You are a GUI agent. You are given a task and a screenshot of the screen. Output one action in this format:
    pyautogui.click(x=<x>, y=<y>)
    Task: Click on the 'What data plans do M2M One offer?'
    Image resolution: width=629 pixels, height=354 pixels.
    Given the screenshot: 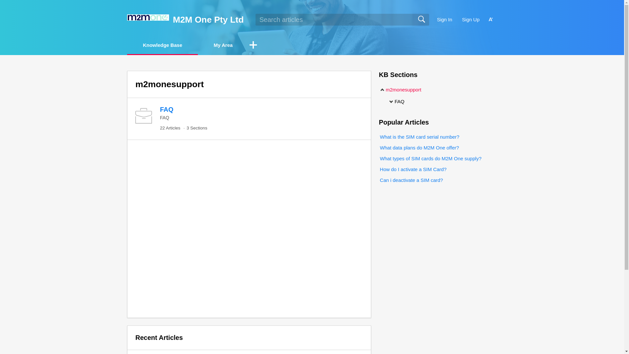 What is the action you would take?
    pyautogui.click(x=419, y=147)
    